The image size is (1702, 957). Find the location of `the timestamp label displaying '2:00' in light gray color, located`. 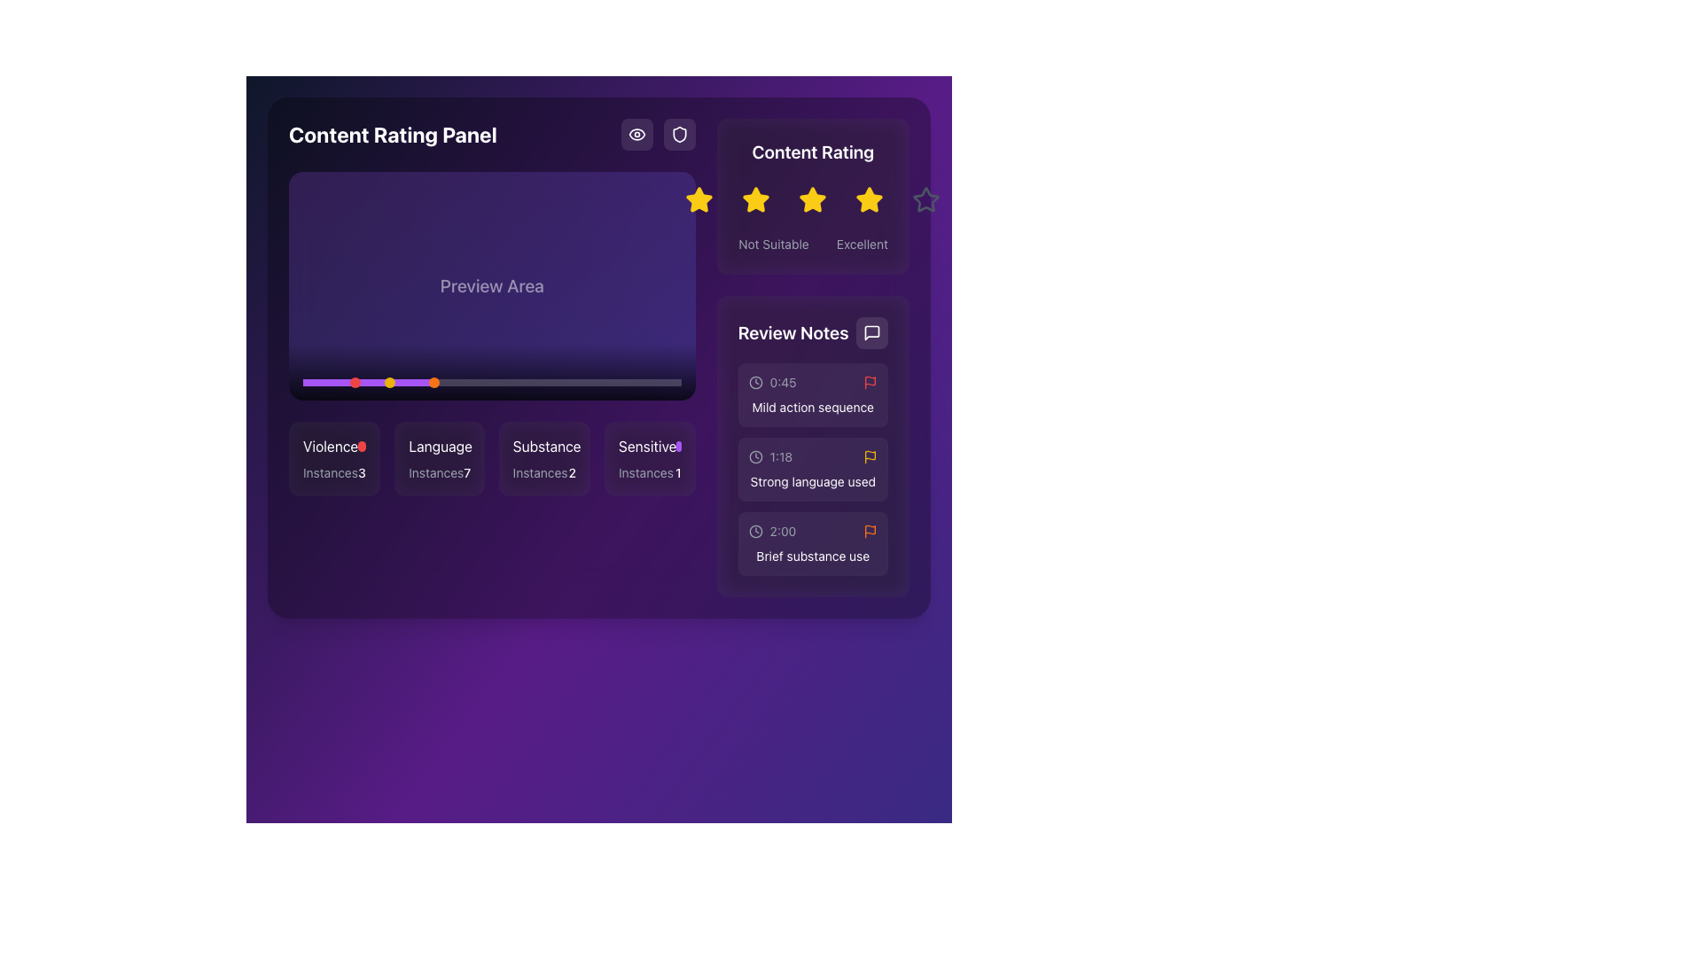

the timestamp label displaying '2:00' in light gray color, located is located at coordinates (772, 531).